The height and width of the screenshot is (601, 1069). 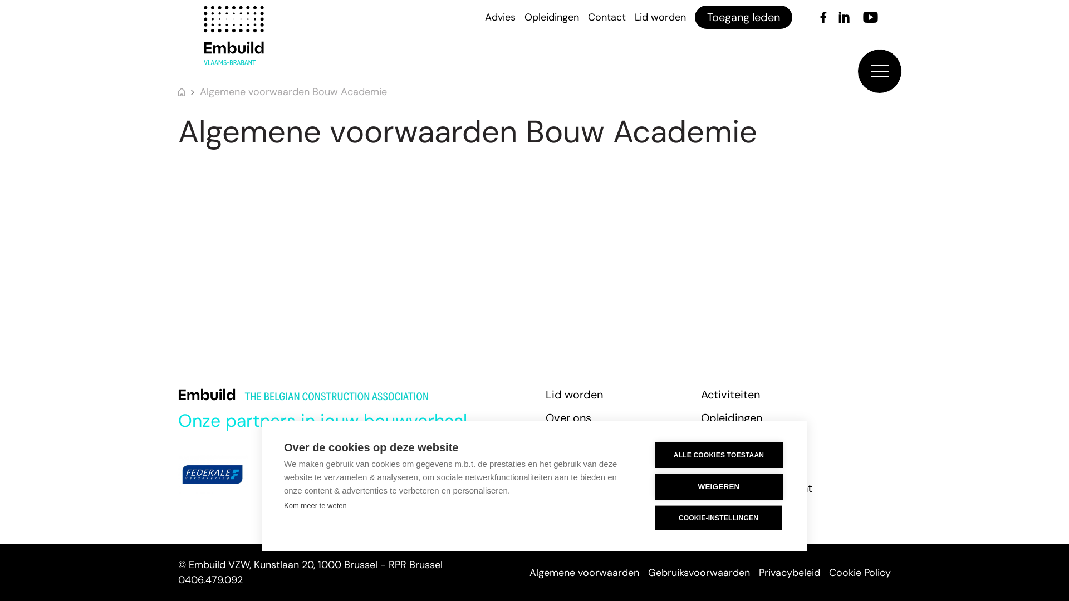 What do you see at coordinates (788, 572) in the screenshot?
I see `'Privacybeleid'` at bounding box center [788, 572].